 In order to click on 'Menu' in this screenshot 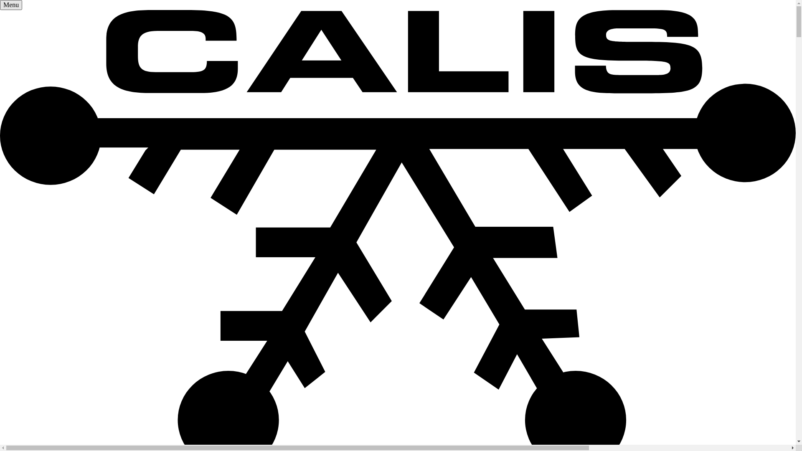, I will do `click(11, 5)`.